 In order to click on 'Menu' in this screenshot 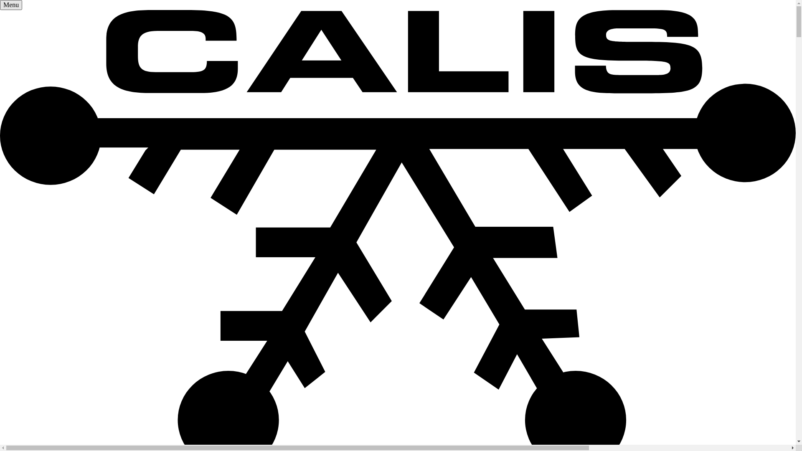, I will do `click(11, 5)`.